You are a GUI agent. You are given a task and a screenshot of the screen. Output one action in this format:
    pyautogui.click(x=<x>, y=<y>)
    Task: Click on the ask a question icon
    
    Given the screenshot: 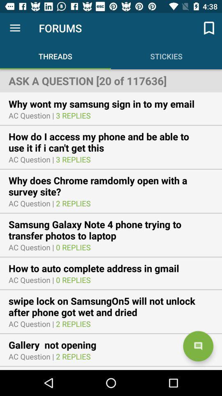 What is the action you would take?
    pyautogui.click(x=111, y=80)
    